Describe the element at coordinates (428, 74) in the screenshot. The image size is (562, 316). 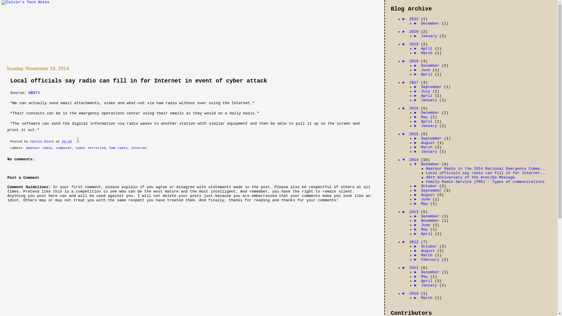
I see `'April'` at that location.